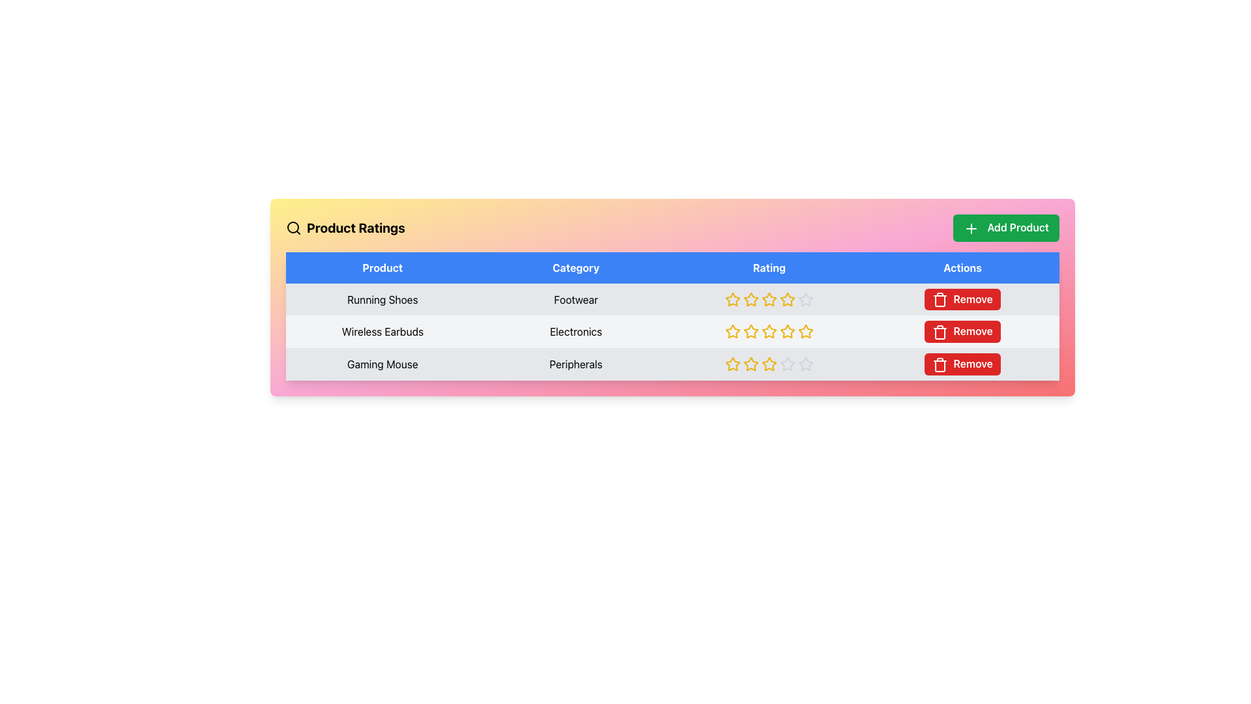  I want to click on the fourth star icon in the rating section of the Gaming Mouse product, which is styled in yellow with a hollow center, so click(769, 364).